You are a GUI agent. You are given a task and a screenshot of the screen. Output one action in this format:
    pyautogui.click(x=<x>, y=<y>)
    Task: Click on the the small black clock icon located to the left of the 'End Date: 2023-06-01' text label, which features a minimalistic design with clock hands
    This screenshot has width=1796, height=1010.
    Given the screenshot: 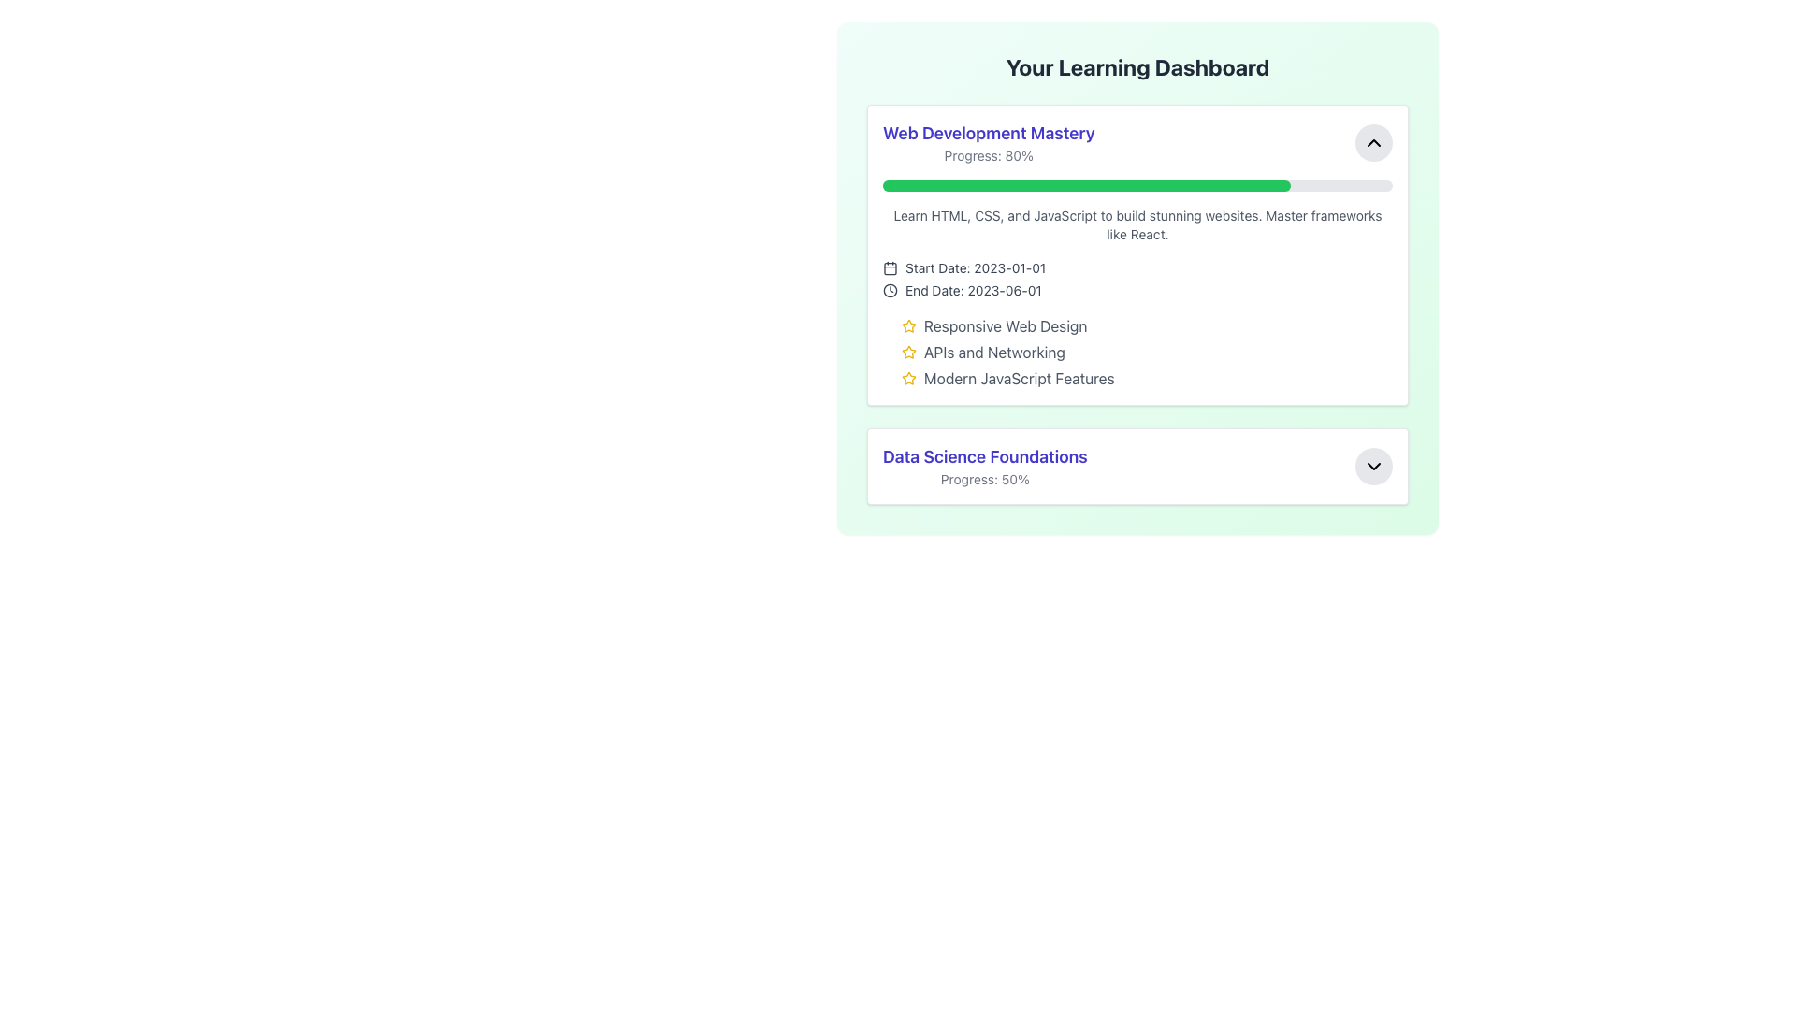 What is the action you would take?
    pyautogui.click(x=889, y=291)
    